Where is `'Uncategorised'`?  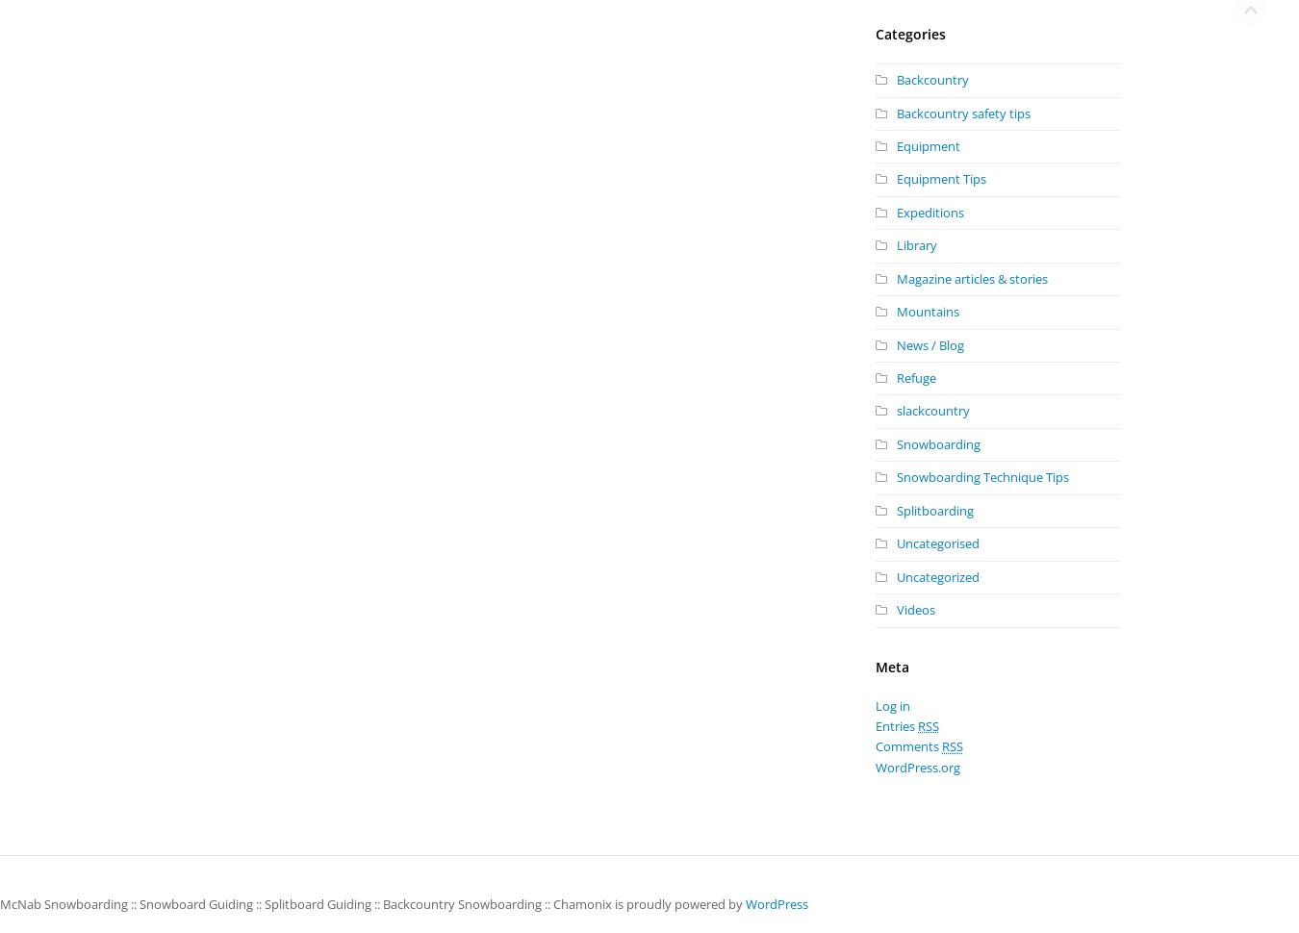 'Uncategorised' is located at coordinates (936, 542).